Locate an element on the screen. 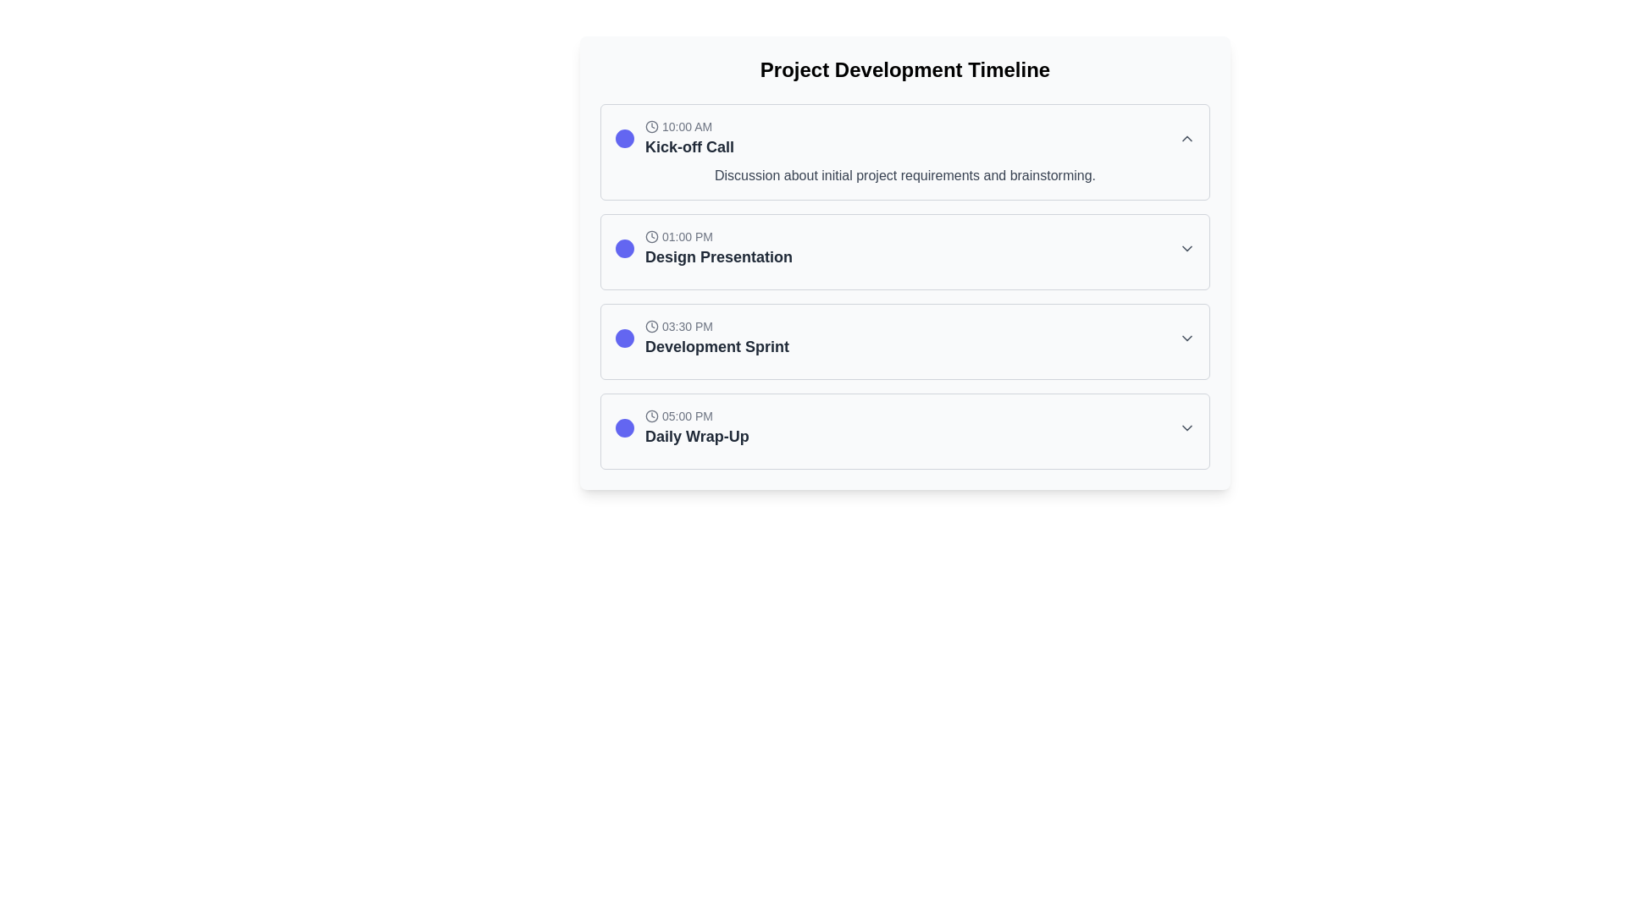  the time '01:00 PM' and title 'Design Presentation' from the second interactive list entry with an expandable dropdown under 'Project Development Timeline' is located at coordinates (904, 248).